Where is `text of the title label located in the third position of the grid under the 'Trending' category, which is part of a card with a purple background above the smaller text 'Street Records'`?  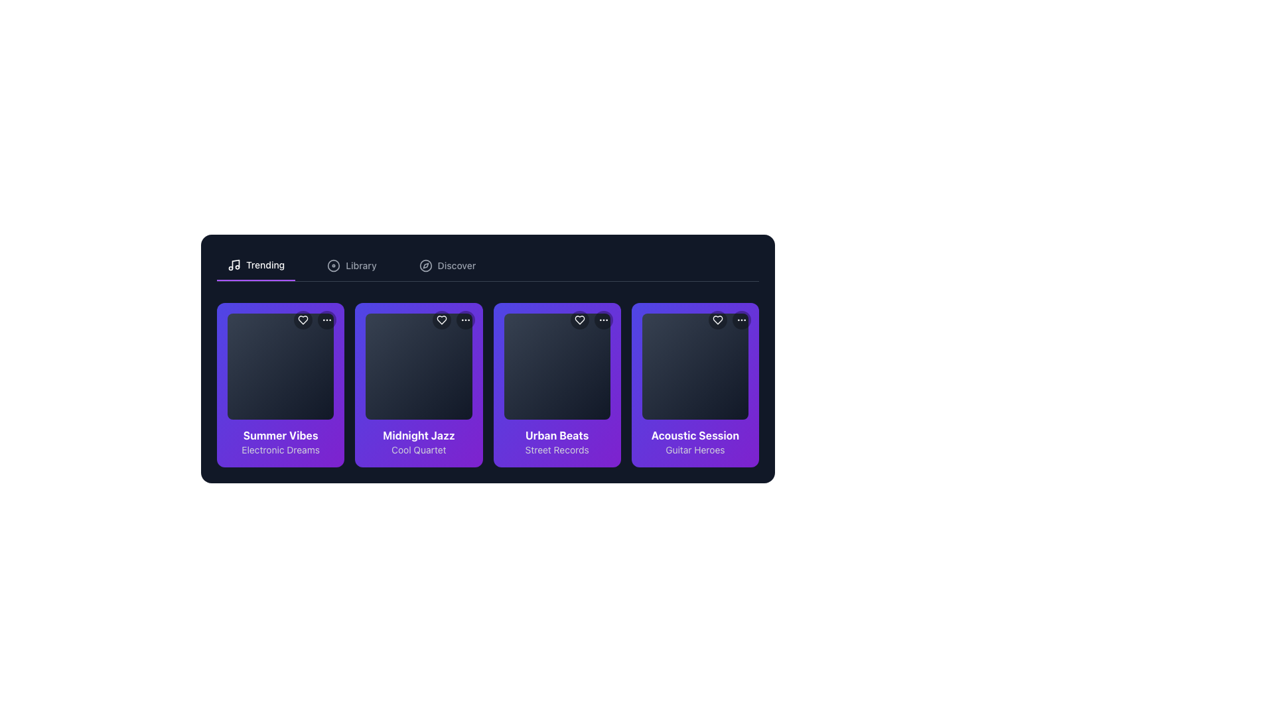
text of the title label located in the third position of the grid under the 'Trending' category, which is part of a card with a purple background above the smaller text 'Street Records' is located at coordinates (557, 436).